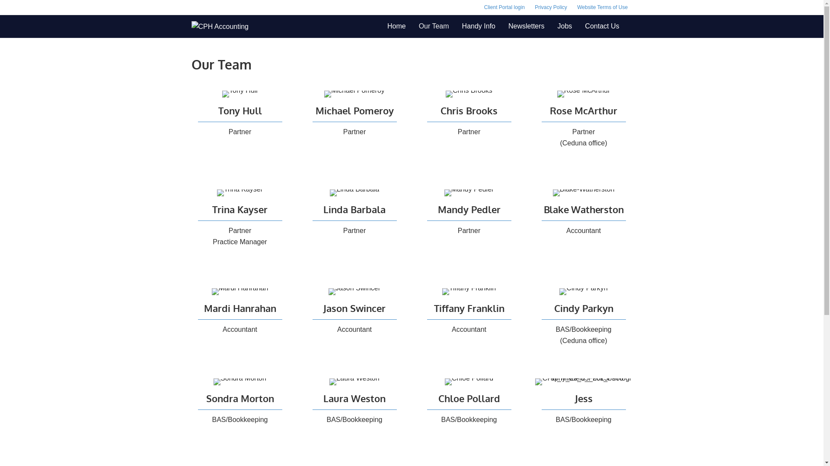  I want to click on 'Michael-Pomeroy', so click(354, 94).